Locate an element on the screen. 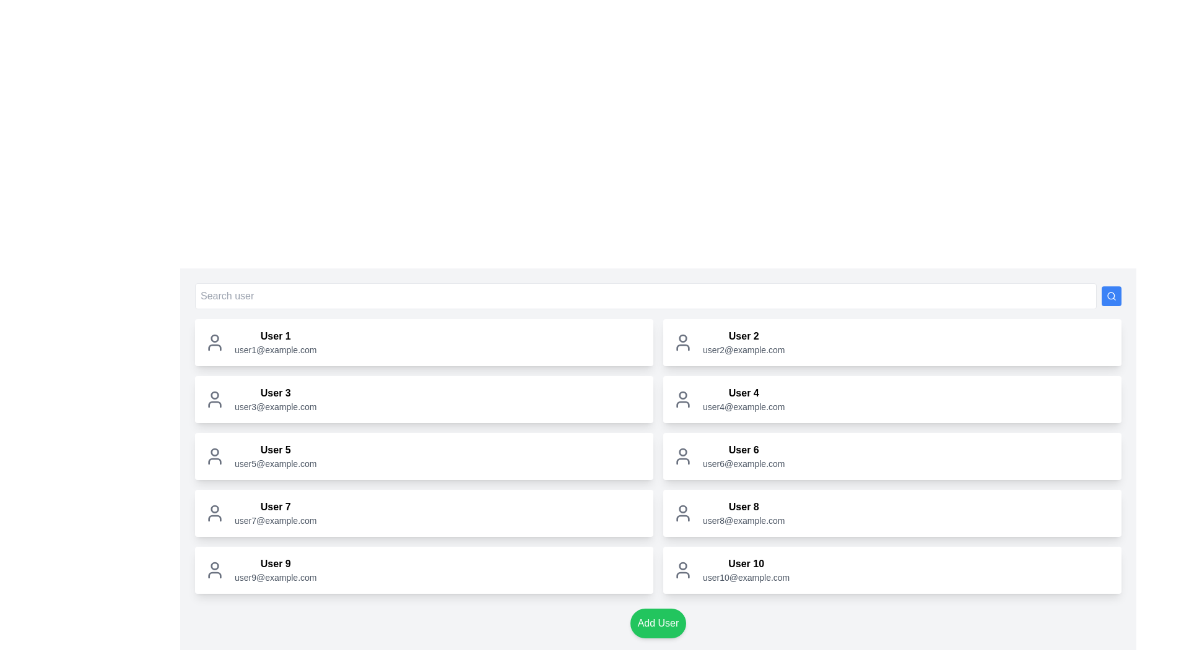 This screenshot has height=668, width=1189. the user profile icon representing 'User 5' located to the left of the text content in the card labeled 'User 5' and 'user5@example.com' is located at coordinates (214, 456).